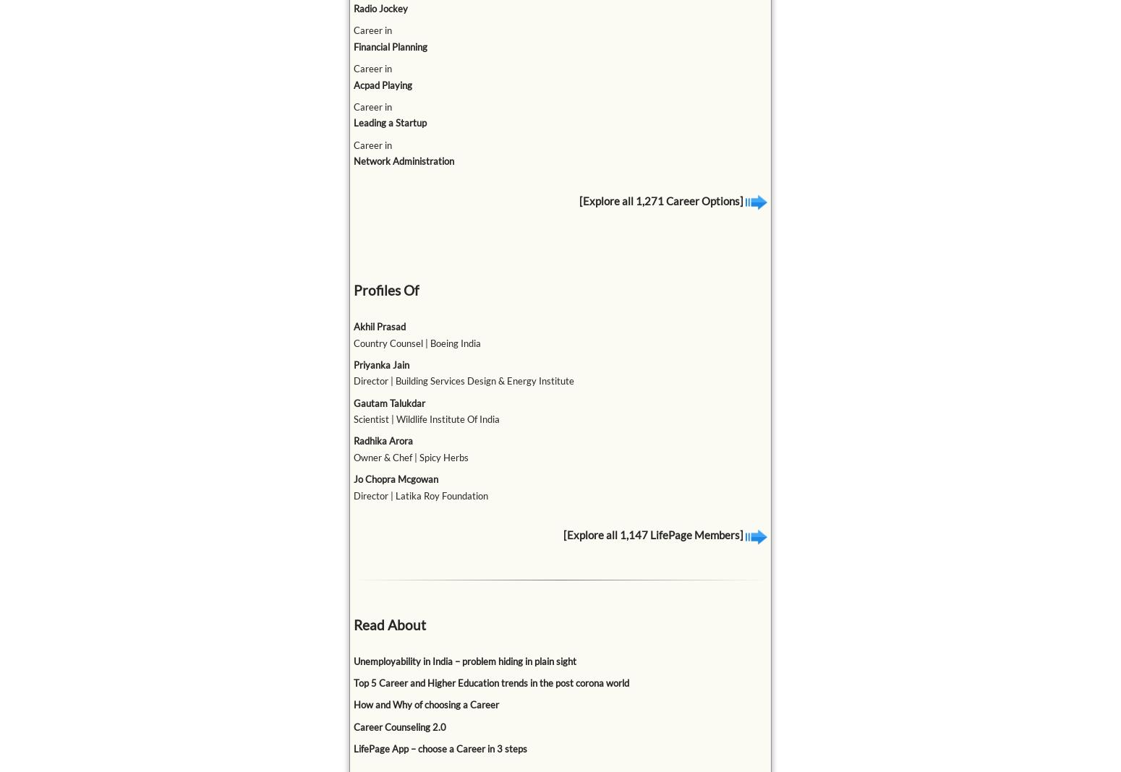 The height and width of the screenshot is (772, 1121). Describe the element at coordinates (378, 326) in the screenshot. I see `'Akhil Prasad'` at that location.